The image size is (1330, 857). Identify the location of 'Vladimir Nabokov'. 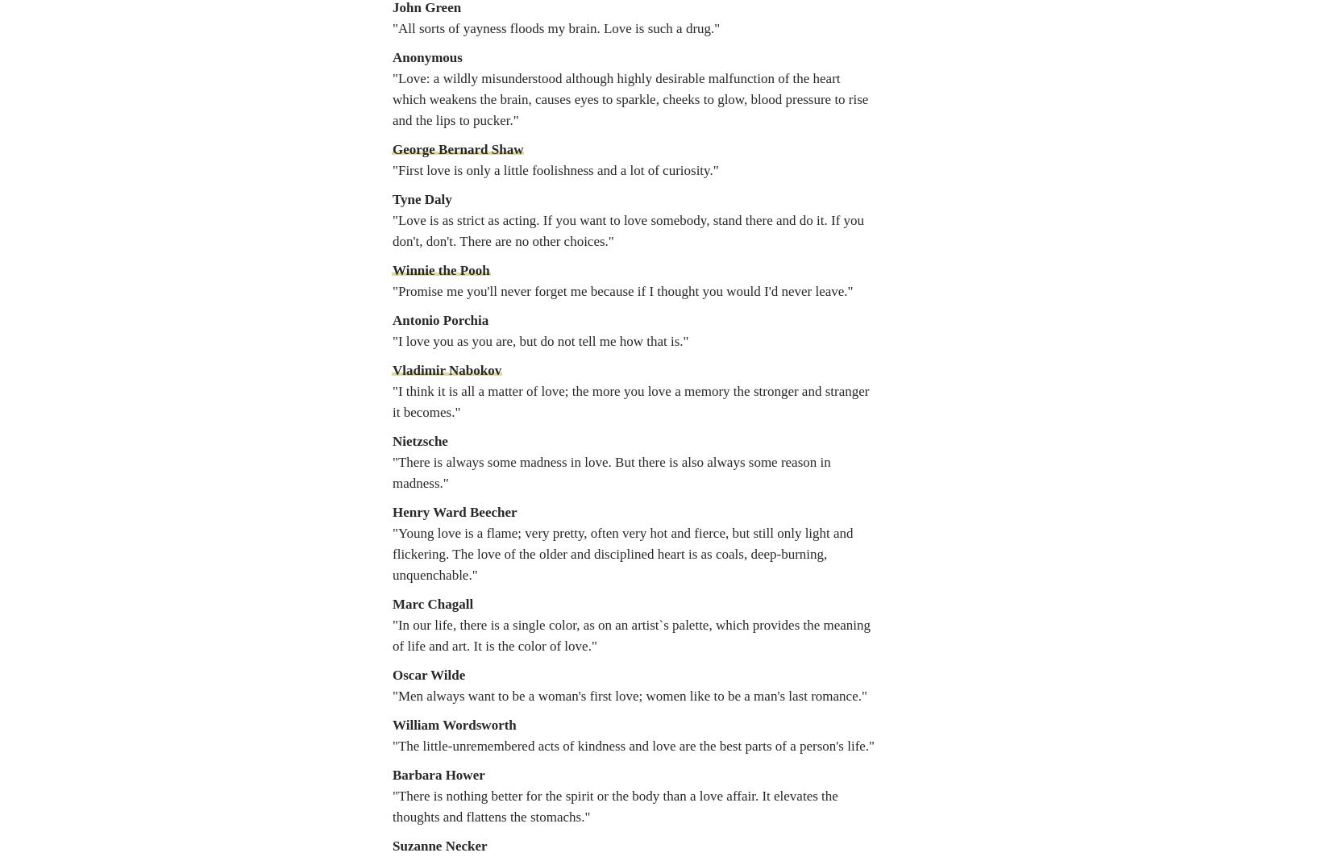
(446, 370).